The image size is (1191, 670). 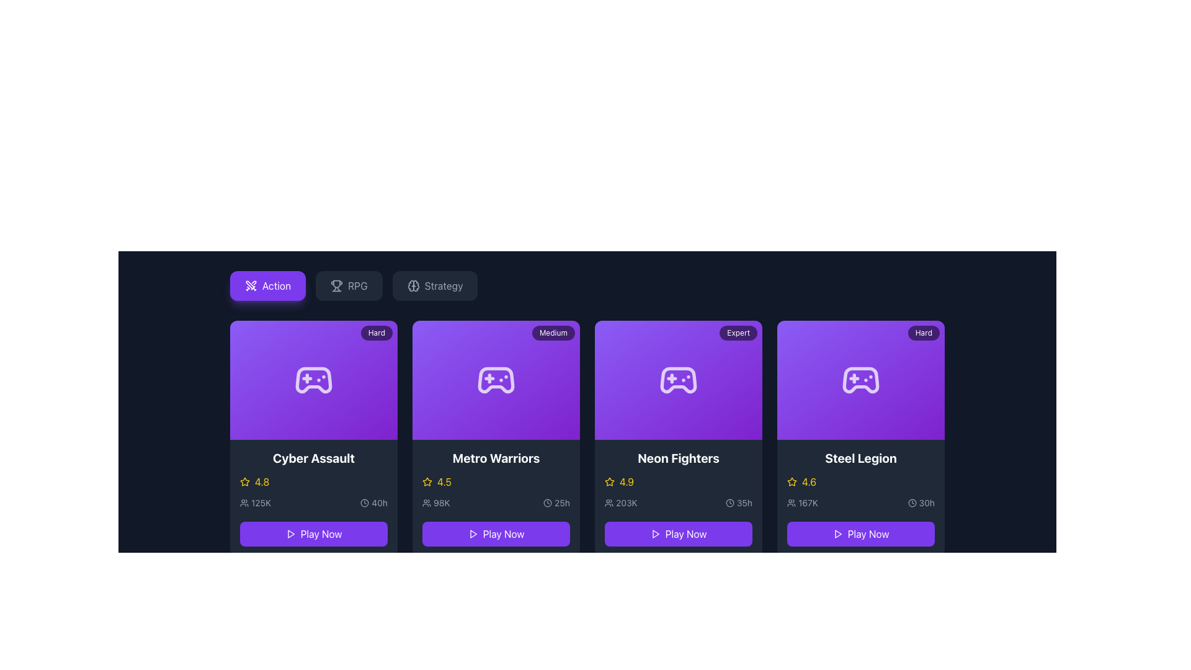 I want to click on the 'Expert' label/tag, which is a small pill-shaped tag with white text on a dark semi-transparent background, located in the top-right corner of the 'Neon Fighters' card, so click(x=738, y=332).